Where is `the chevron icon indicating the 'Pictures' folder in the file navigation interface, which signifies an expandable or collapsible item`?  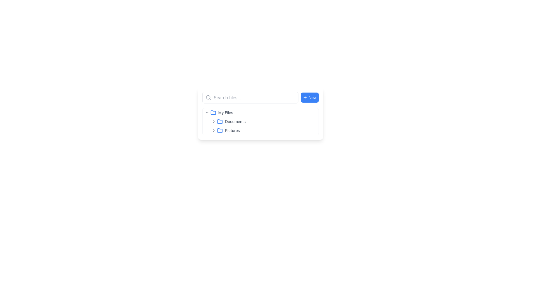
the chevron icon indicating the 'Pictures' folder in the file navigation interface, which signifies an expandable or collapsible item is located at coordinates (214, 130).